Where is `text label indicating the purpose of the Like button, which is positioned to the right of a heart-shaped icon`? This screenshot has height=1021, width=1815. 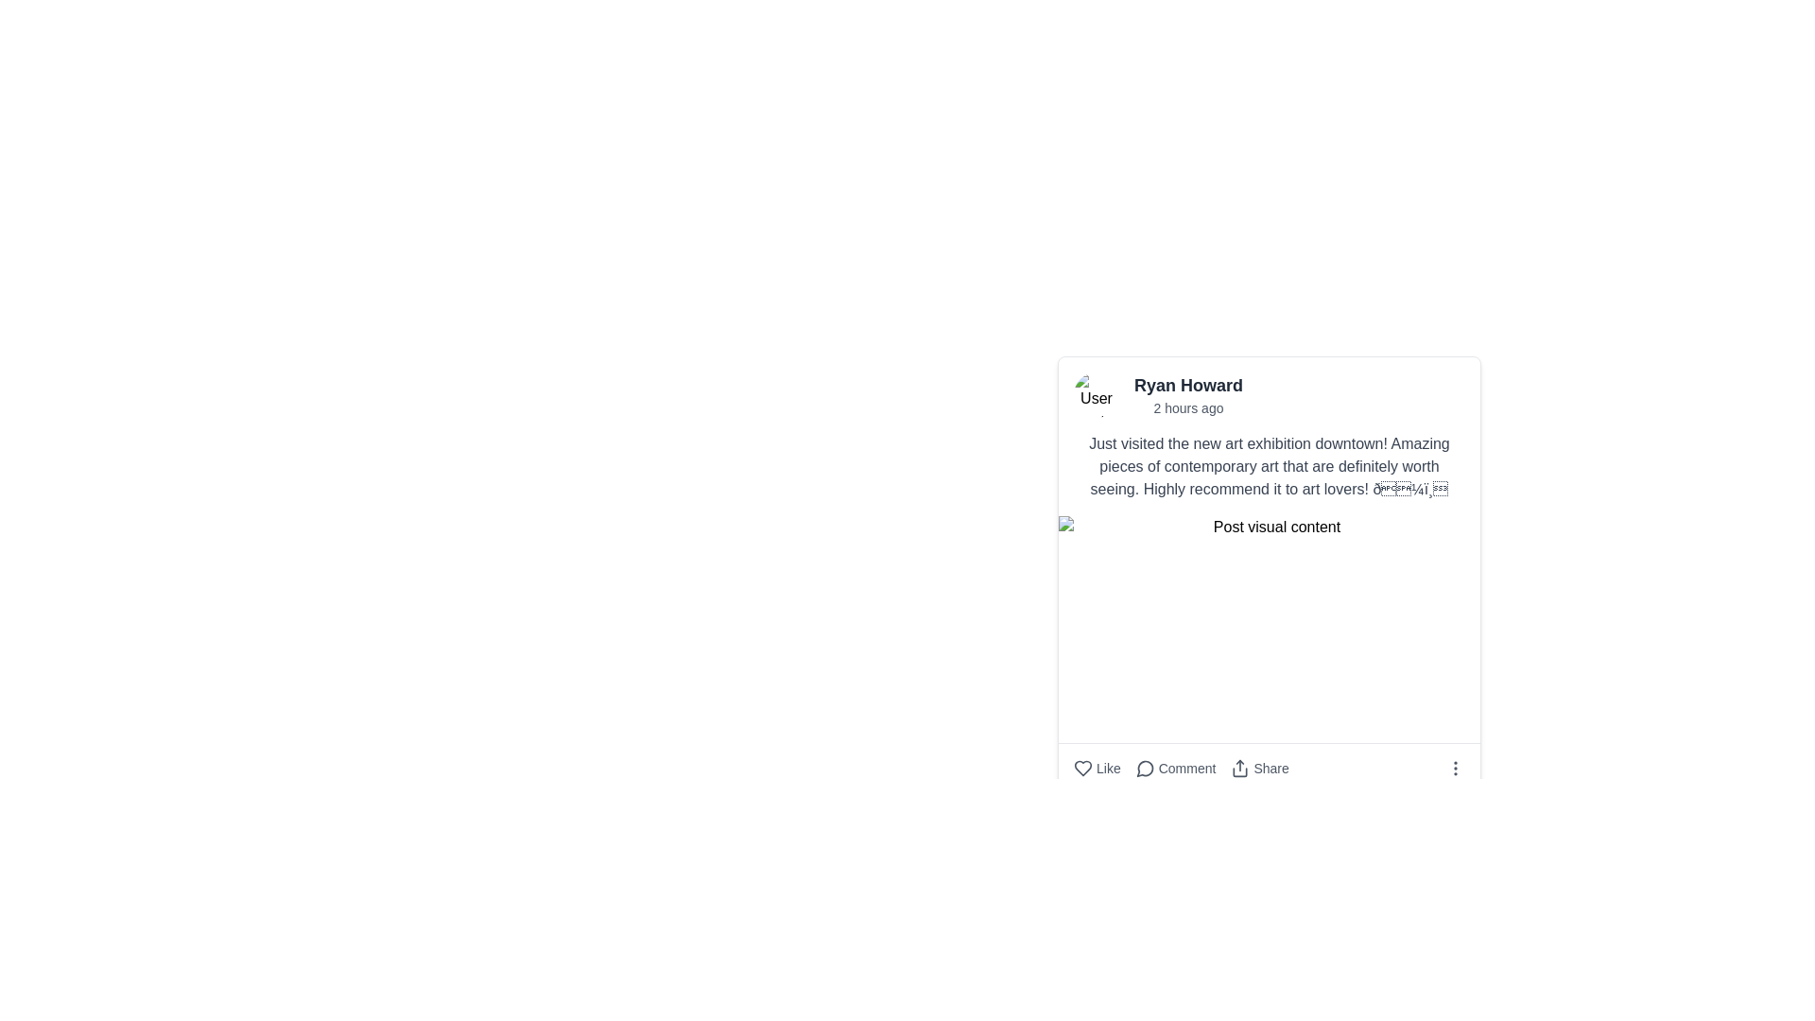 text label indicating the purpose of the Like button, which is positioned to the right of a heart-shaped icon is located at coordinates (1108, 769).